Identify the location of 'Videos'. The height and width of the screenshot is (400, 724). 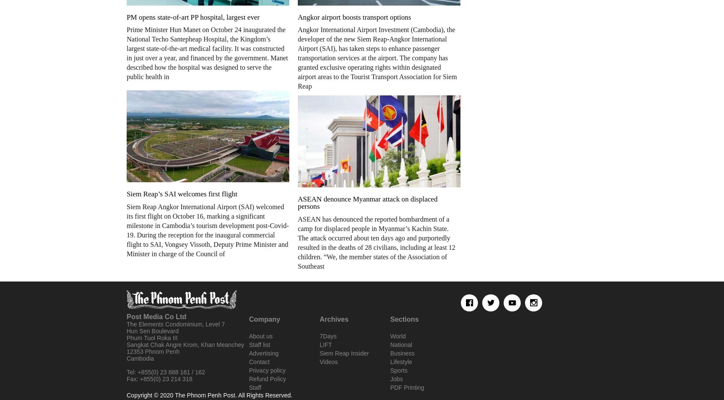
(328, 361).